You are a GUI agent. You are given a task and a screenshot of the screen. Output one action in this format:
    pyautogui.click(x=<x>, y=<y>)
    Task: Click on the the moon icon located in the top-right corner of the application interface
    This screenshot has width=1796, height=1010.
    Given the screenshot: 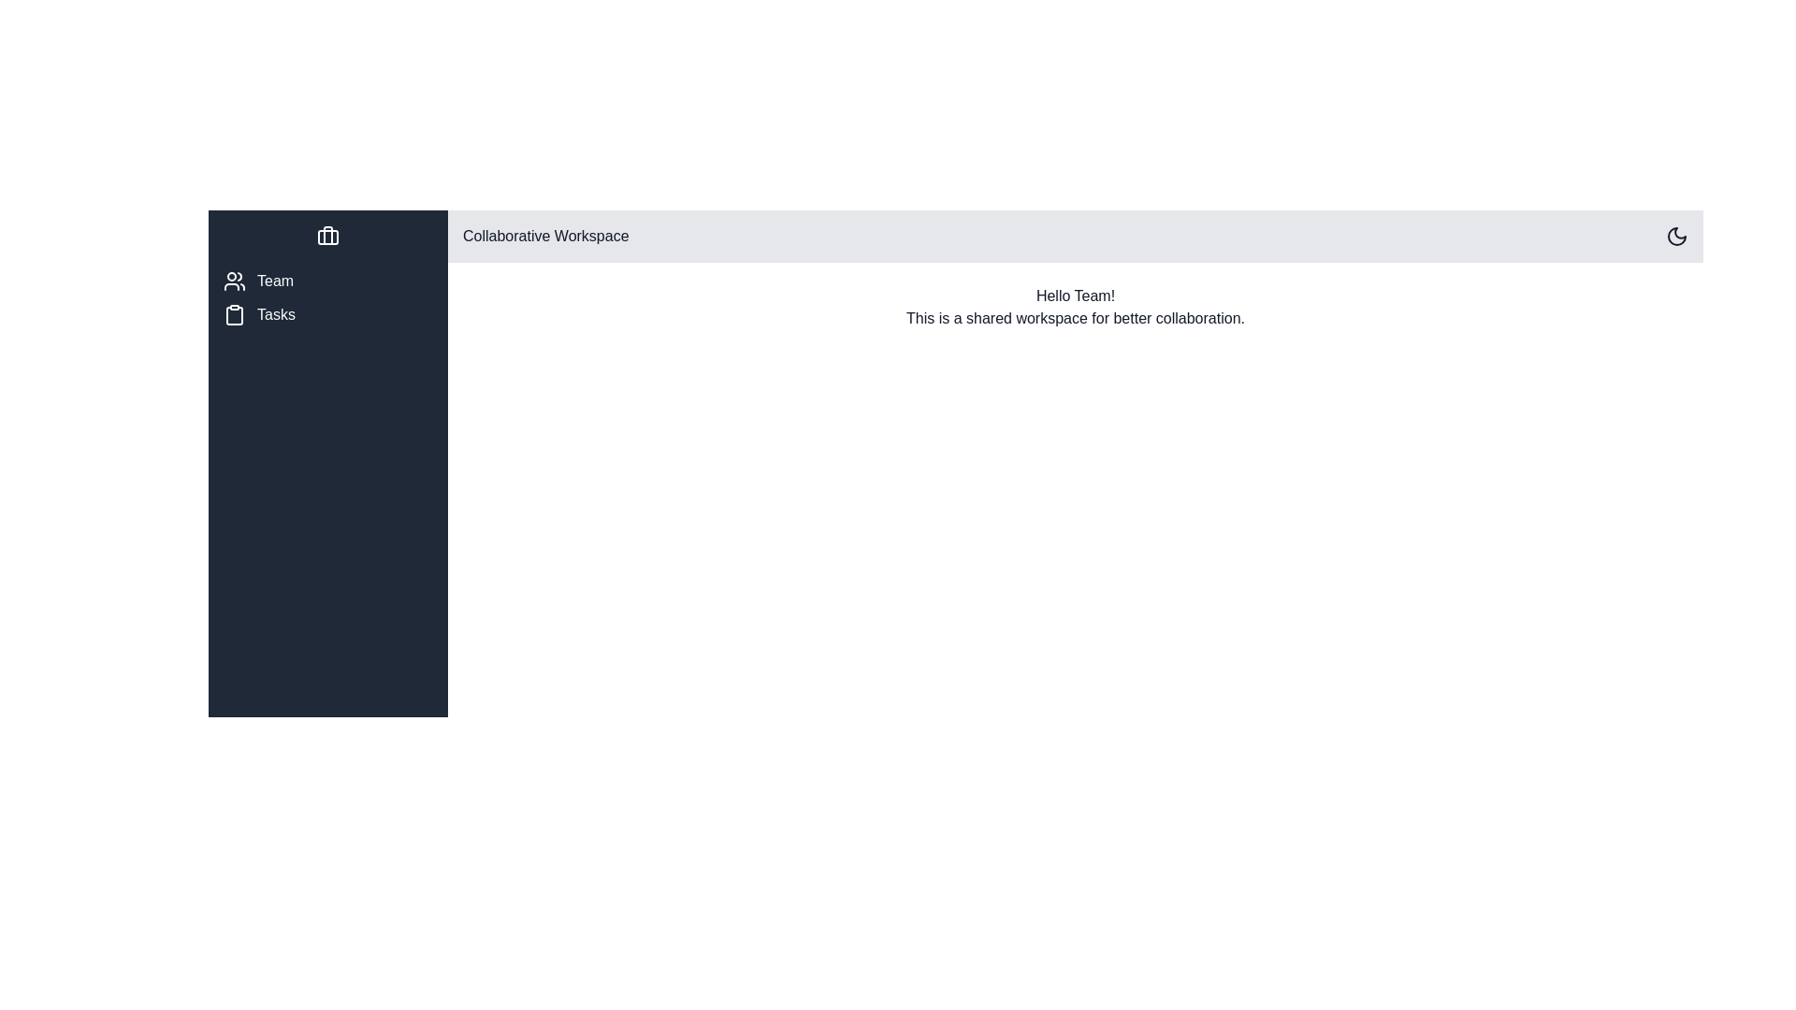 What is the action you would take?
    pyautogui.click(x=1677, y=236)
    